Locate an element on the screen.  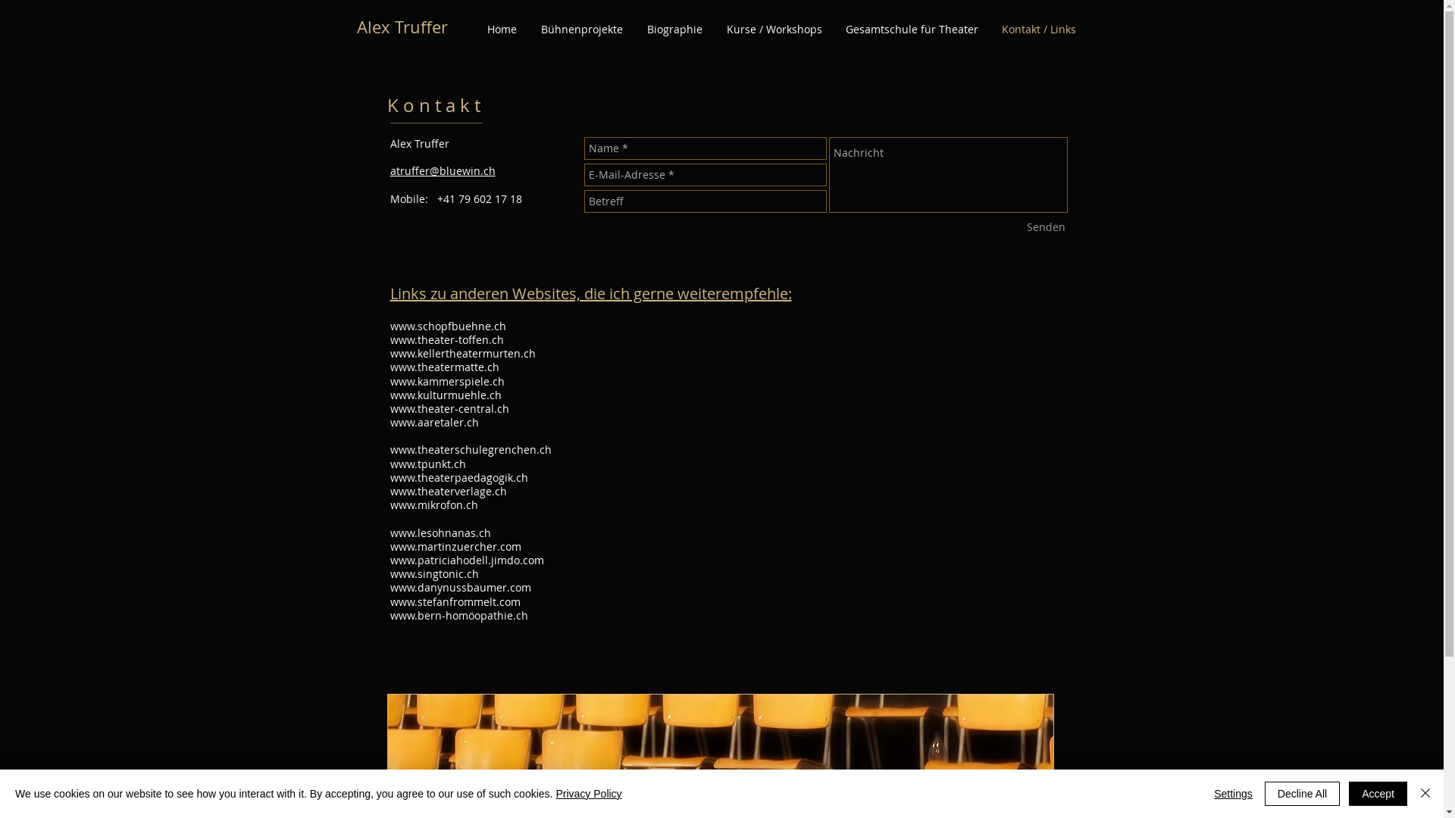
'Kontakt / Links' is located at coordinates (1037, 29).